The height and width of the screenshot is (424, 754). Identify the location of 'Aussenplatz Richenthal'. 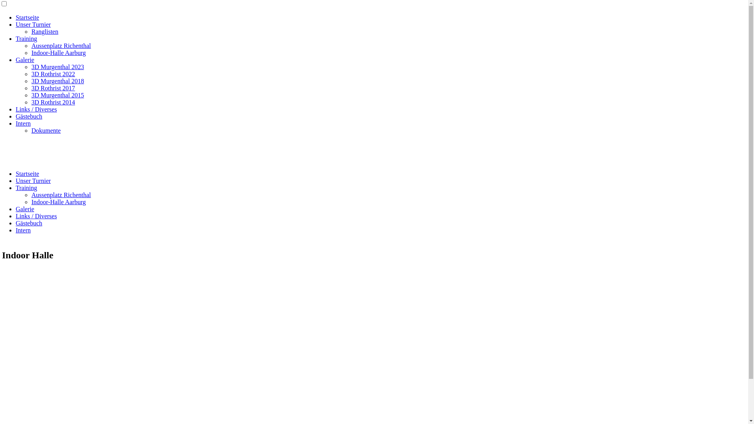
(31, 194).